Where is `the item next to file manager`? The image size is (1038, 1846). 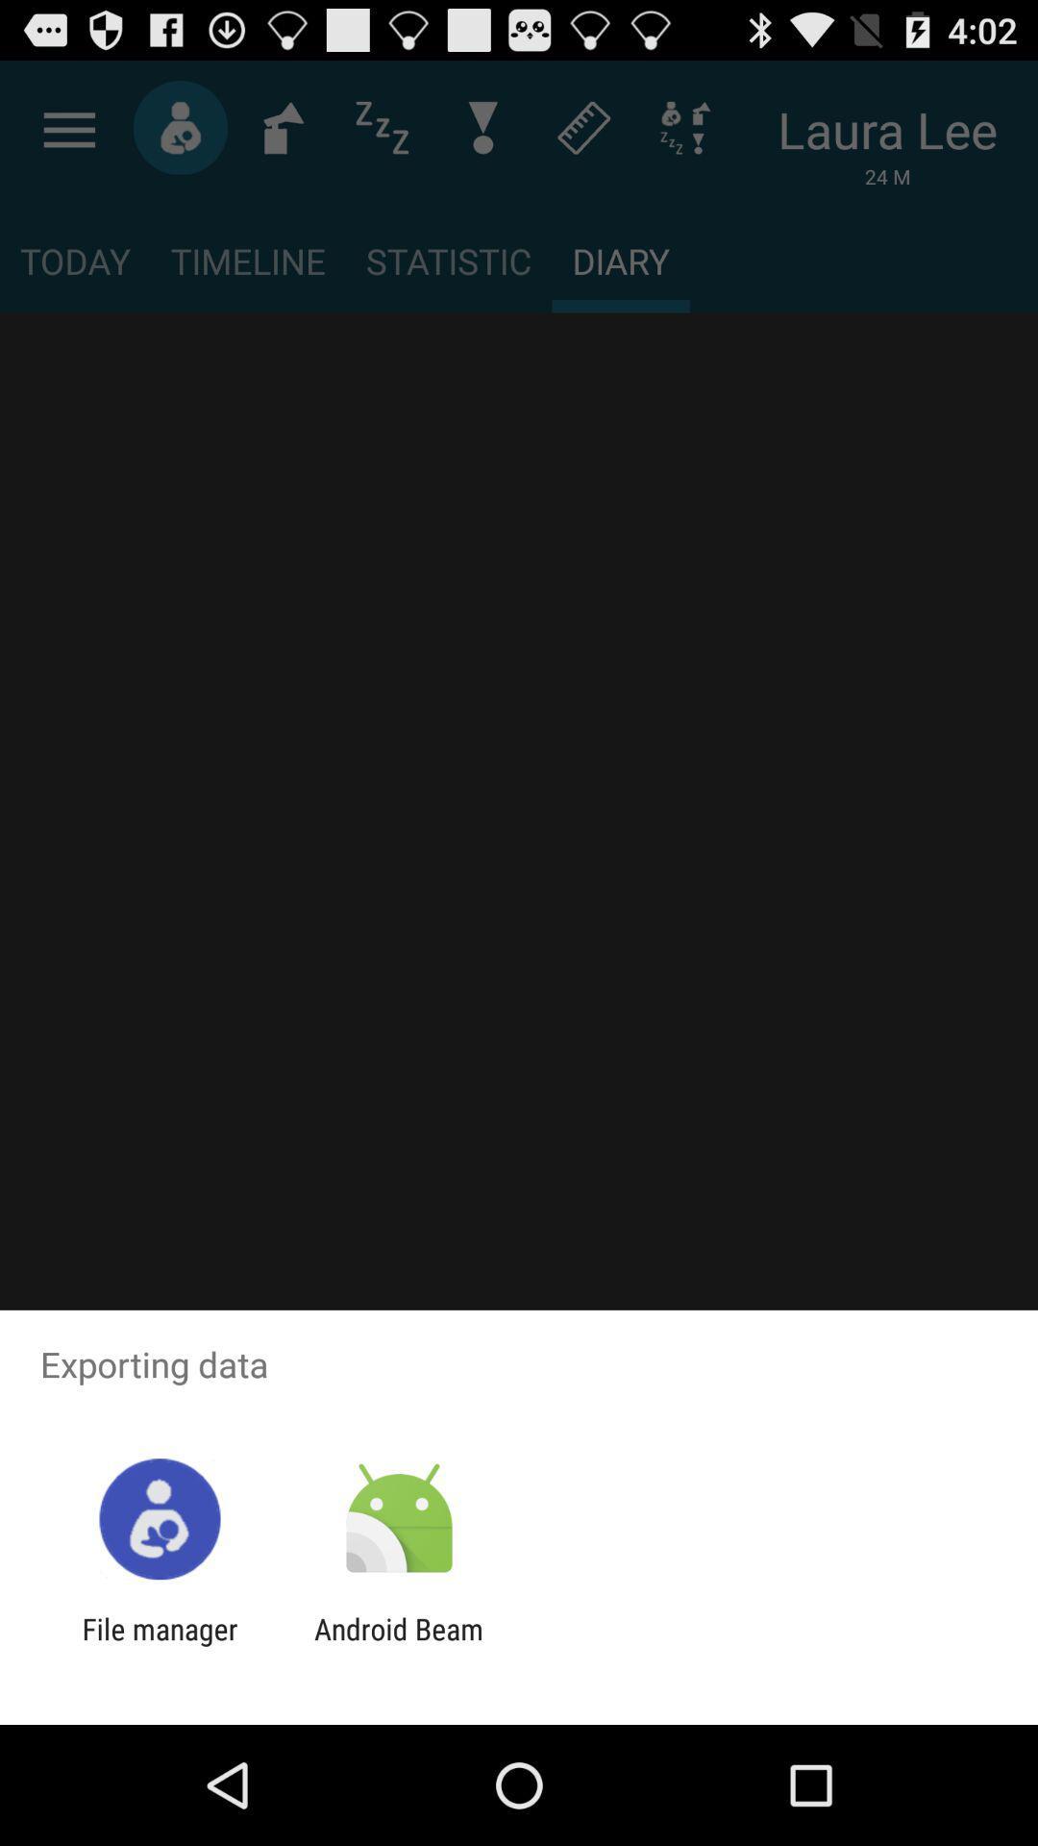
the item next to file manager is located at coordinates (398, 1645).